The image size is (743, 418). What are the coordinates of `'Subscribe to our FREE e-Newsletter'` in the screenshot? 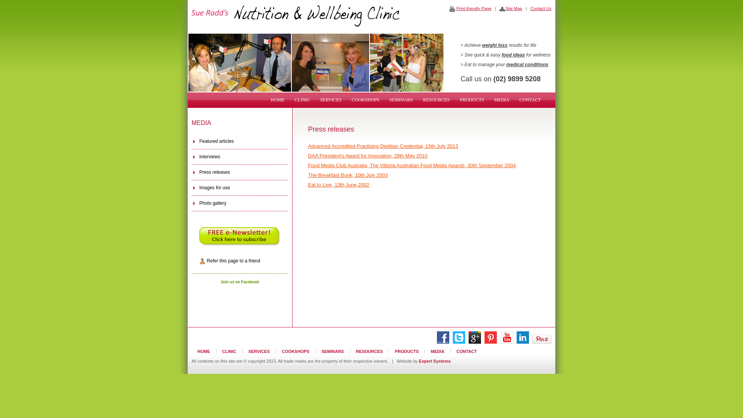 It's located at (239, 236).